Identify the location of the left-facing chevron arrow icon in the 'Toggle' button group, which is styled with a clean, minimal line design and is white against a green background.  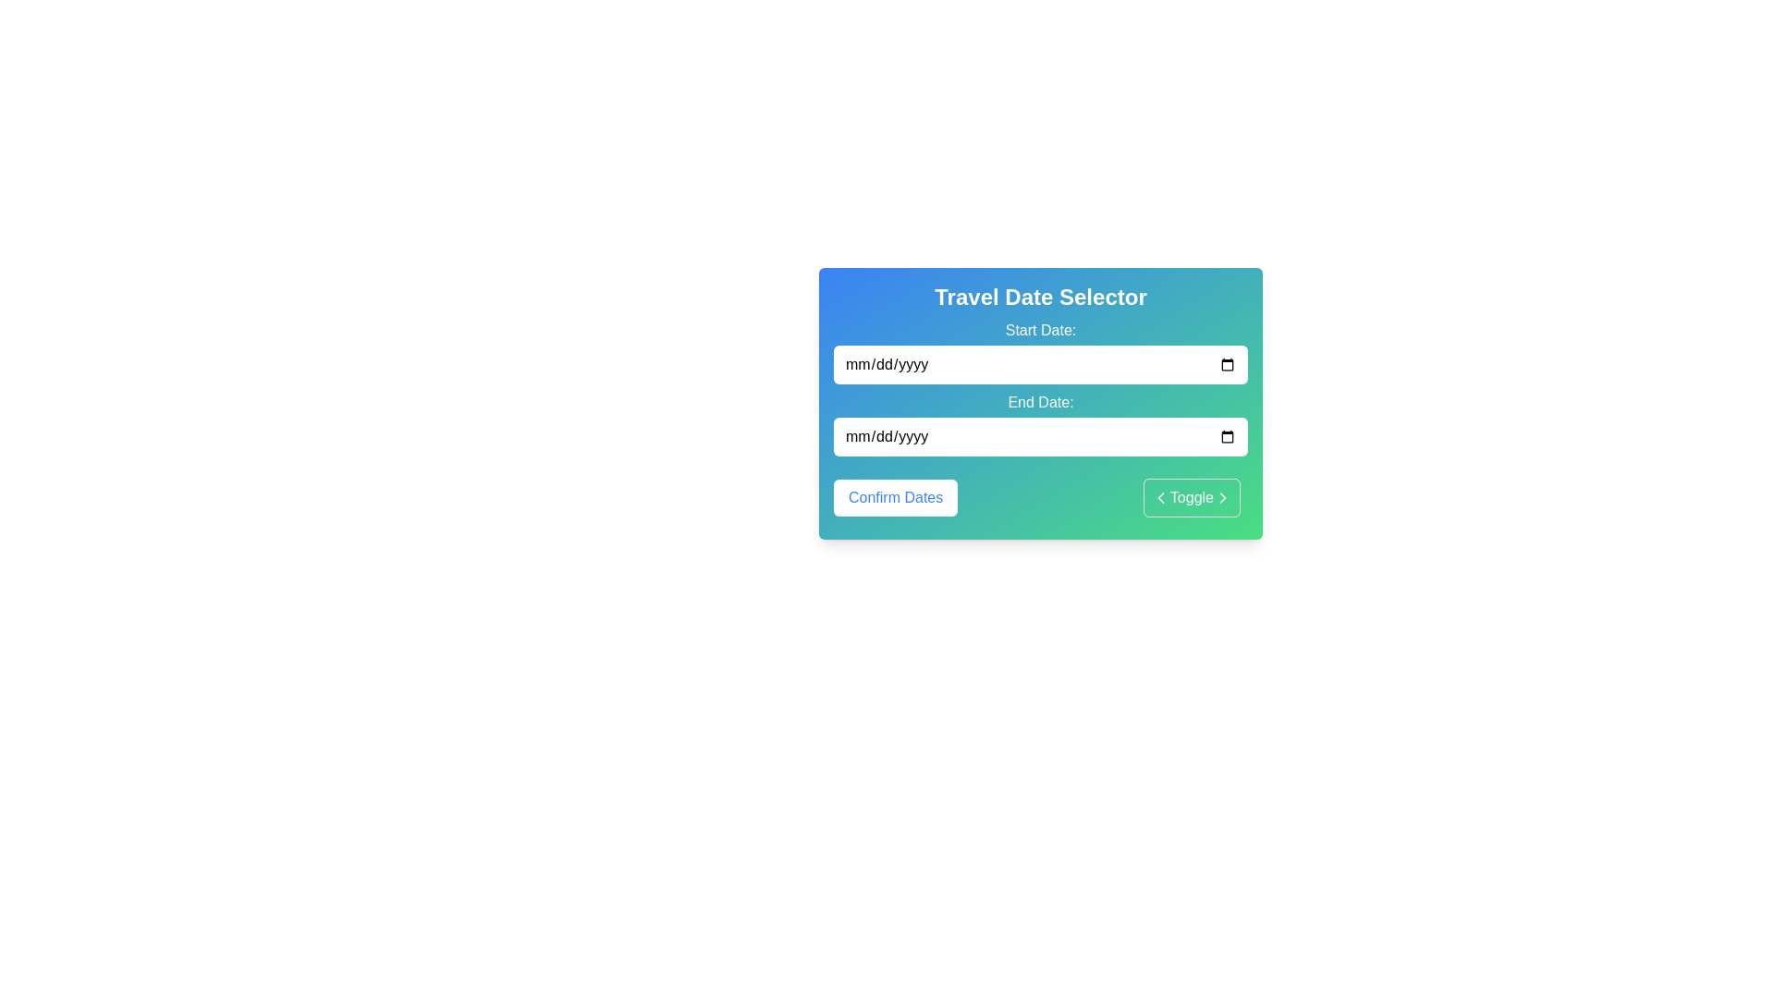
(1159, 497).